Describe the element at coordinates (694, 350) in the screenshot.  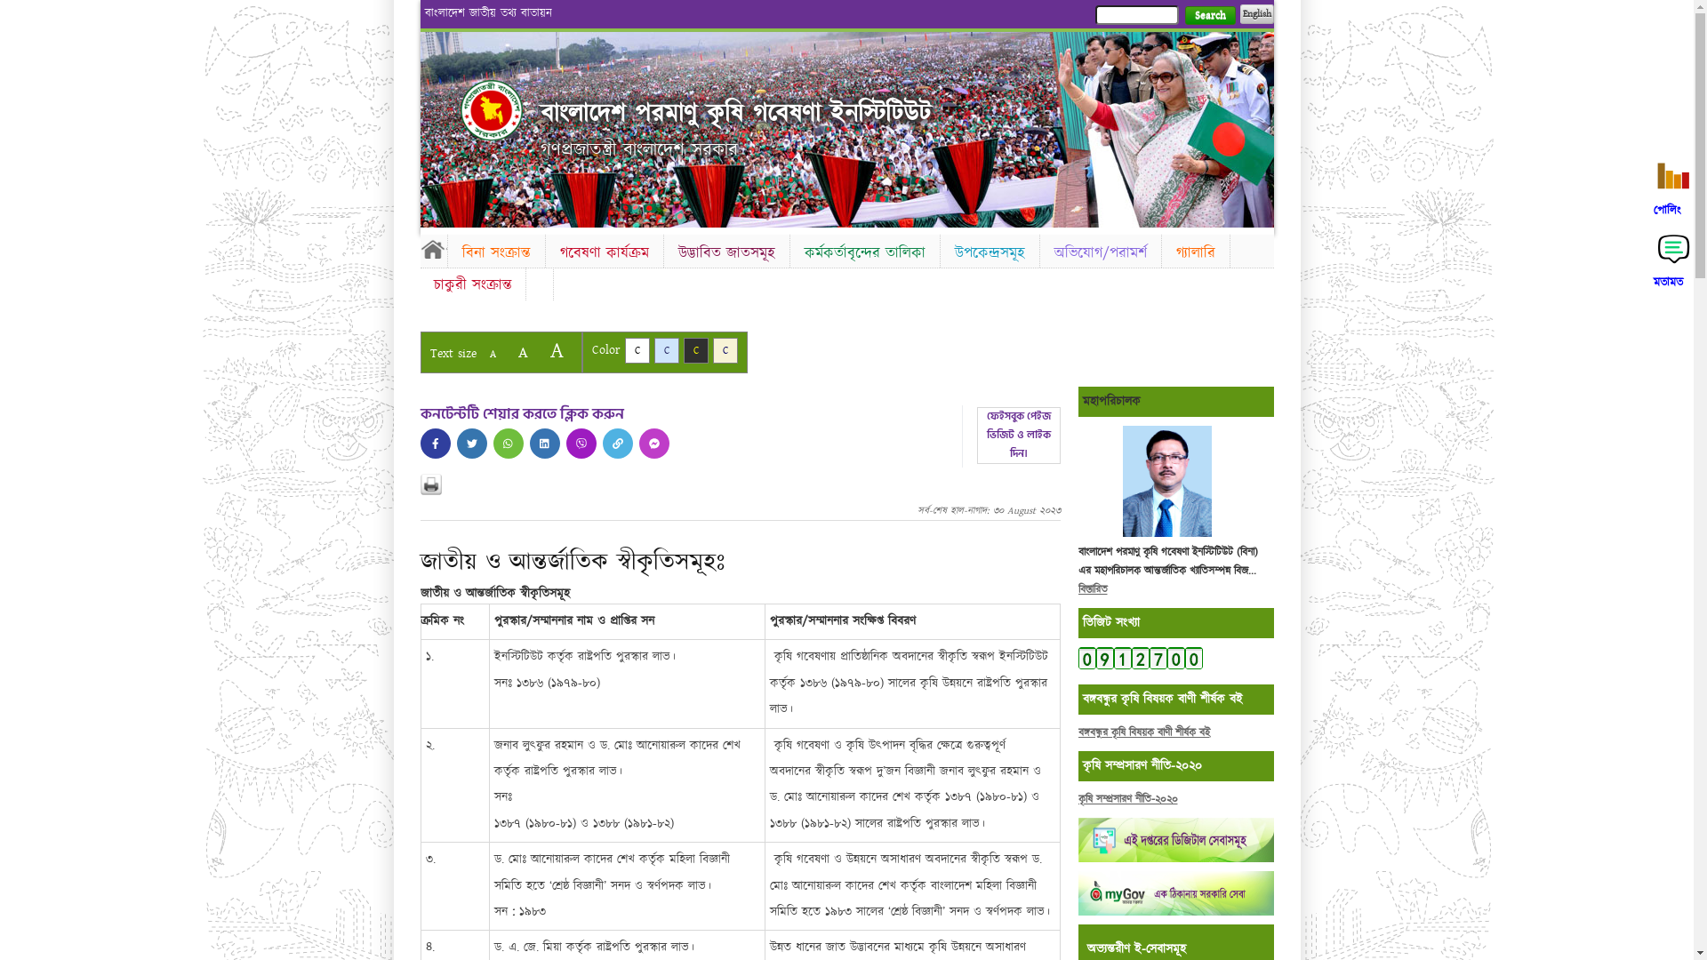
I see `'C'` at that location.